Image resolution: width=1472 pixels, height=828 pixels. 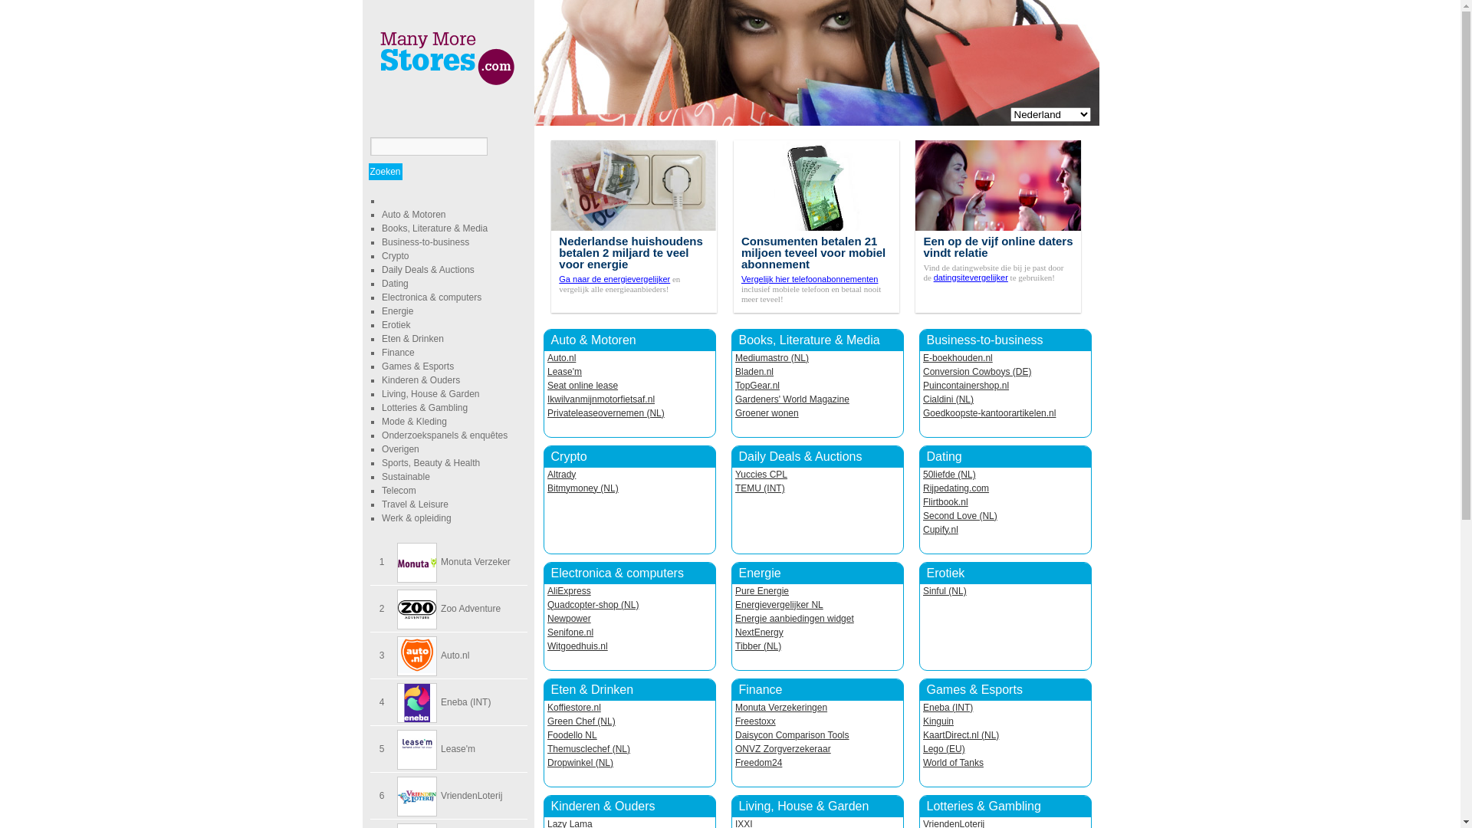 What do you see at coordinates (922, 384) in the screenshot?
I see `'Puincontainershop.nl'` at bounding box center [922, 384].